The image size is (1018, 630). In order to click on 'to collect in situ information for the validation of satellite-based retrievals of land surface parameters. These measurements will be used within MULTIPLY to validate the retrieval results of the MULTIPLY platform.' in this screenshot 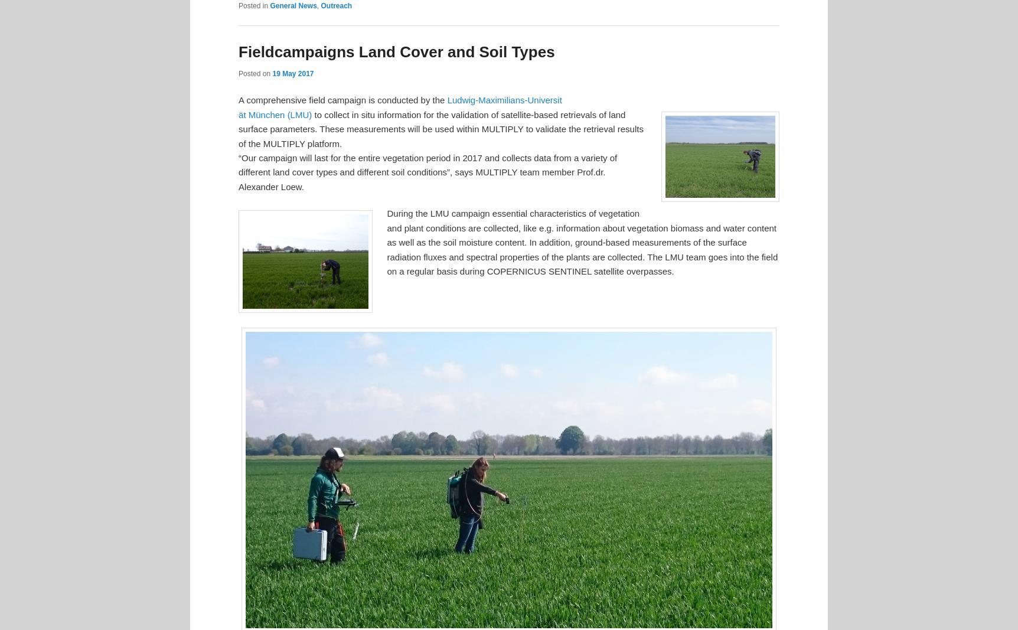, I will do `click(441, 128)`.